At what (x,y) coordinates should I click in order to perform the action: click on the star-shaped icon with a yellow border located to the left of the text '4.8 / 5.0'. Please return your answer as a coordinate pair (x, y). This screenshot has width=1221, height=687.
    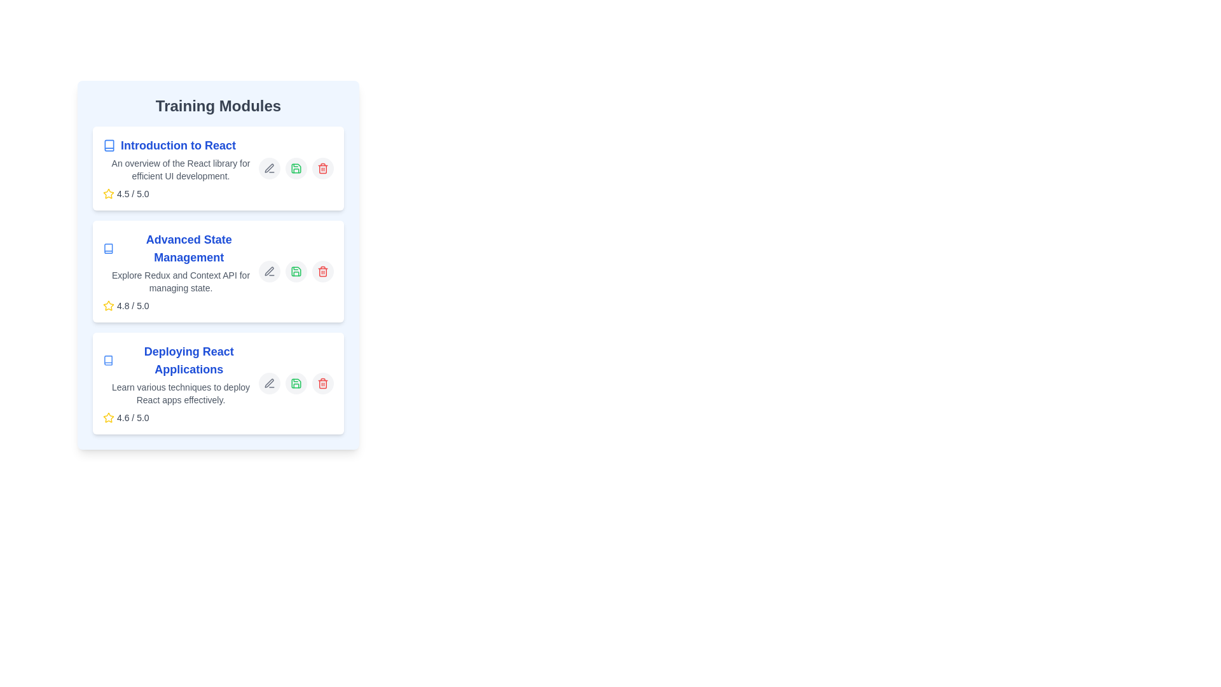
    Looking at the image, I should click on (109, 306).